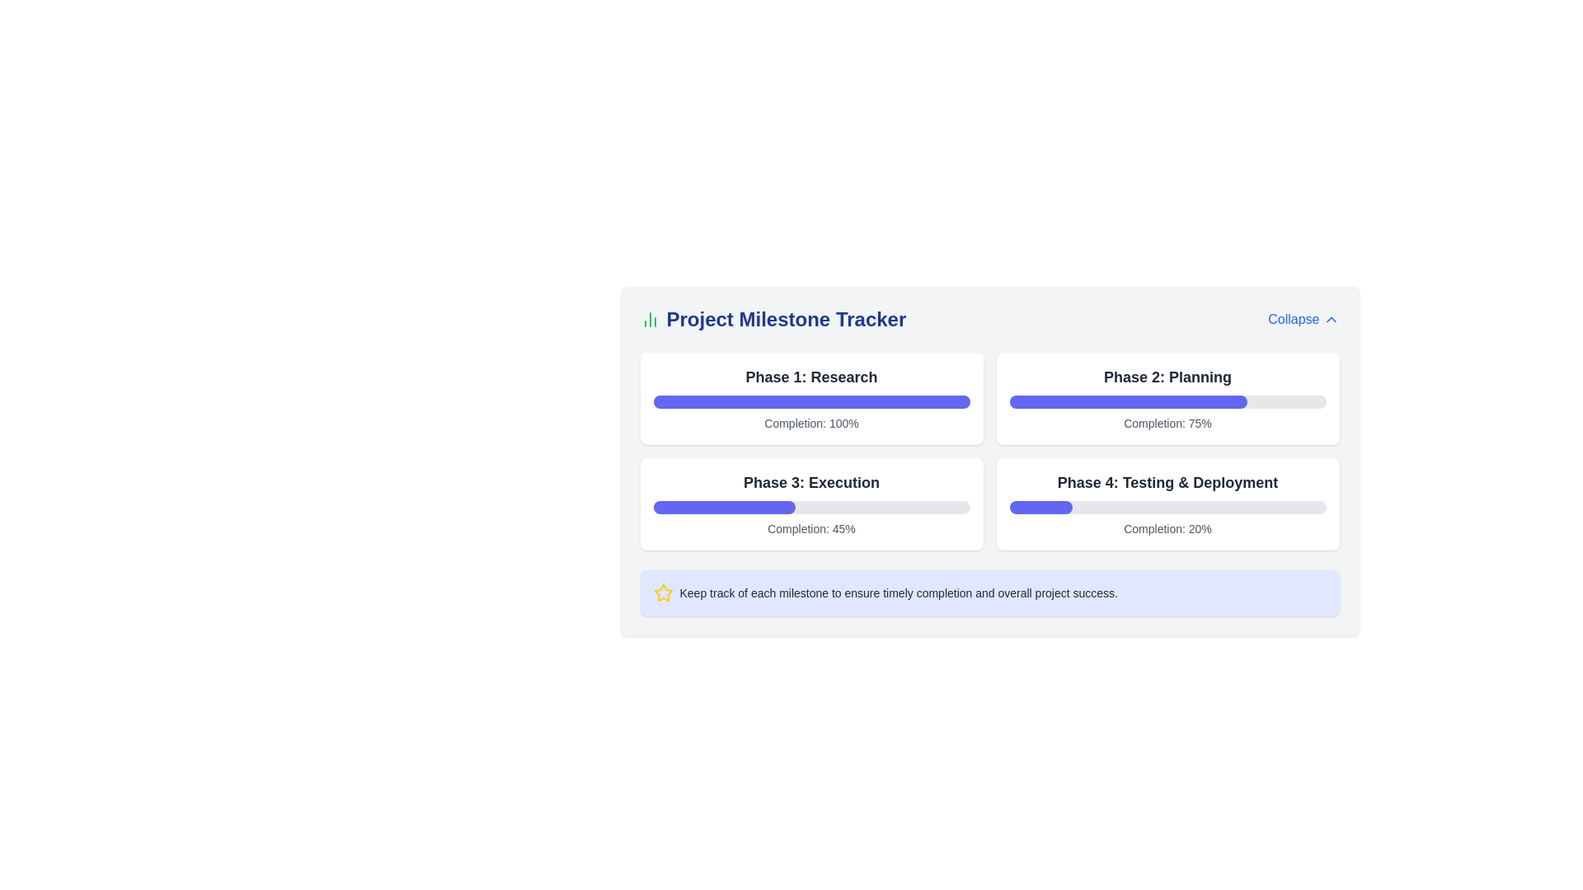 Image resolution: width=1583 pixels, height=890 pixels. Describe the element at coordinates (663, 592) in the screenshot. I see `the yellow outline star icon located in the footer of the milestone tracker interface, which represents a rating or emphasis symbol` at that location.